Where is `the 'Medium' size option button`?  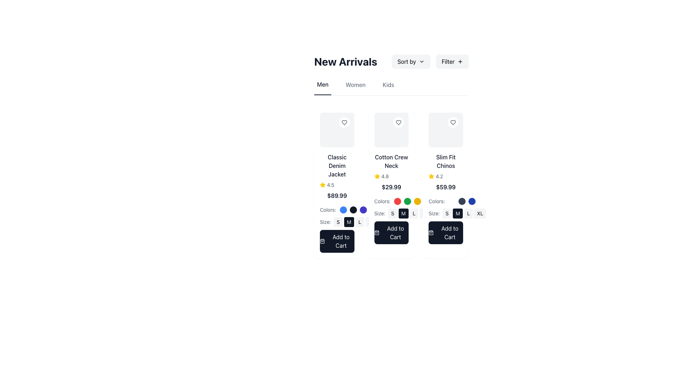
the 'Medium' size option button is located at coordinates (349, 221).